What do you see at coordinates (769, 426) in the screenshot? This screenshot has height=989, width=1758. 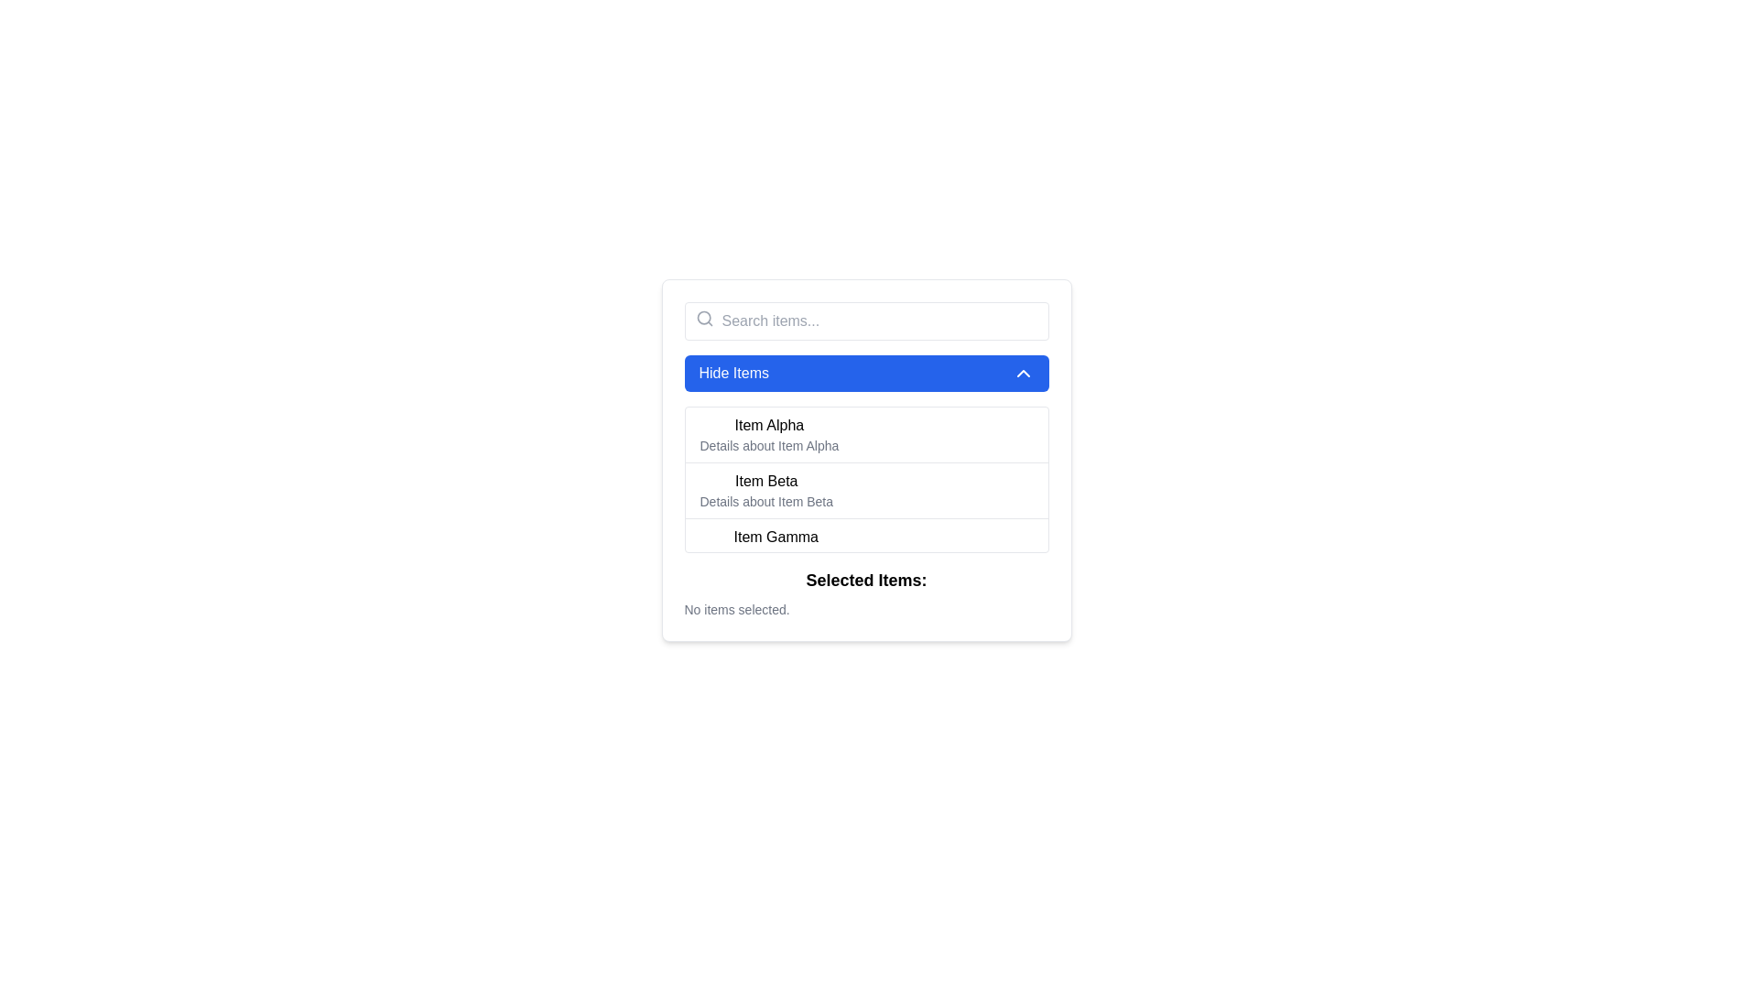 I see `the 'Item Alpha' label` at bounding box center [769, 426].